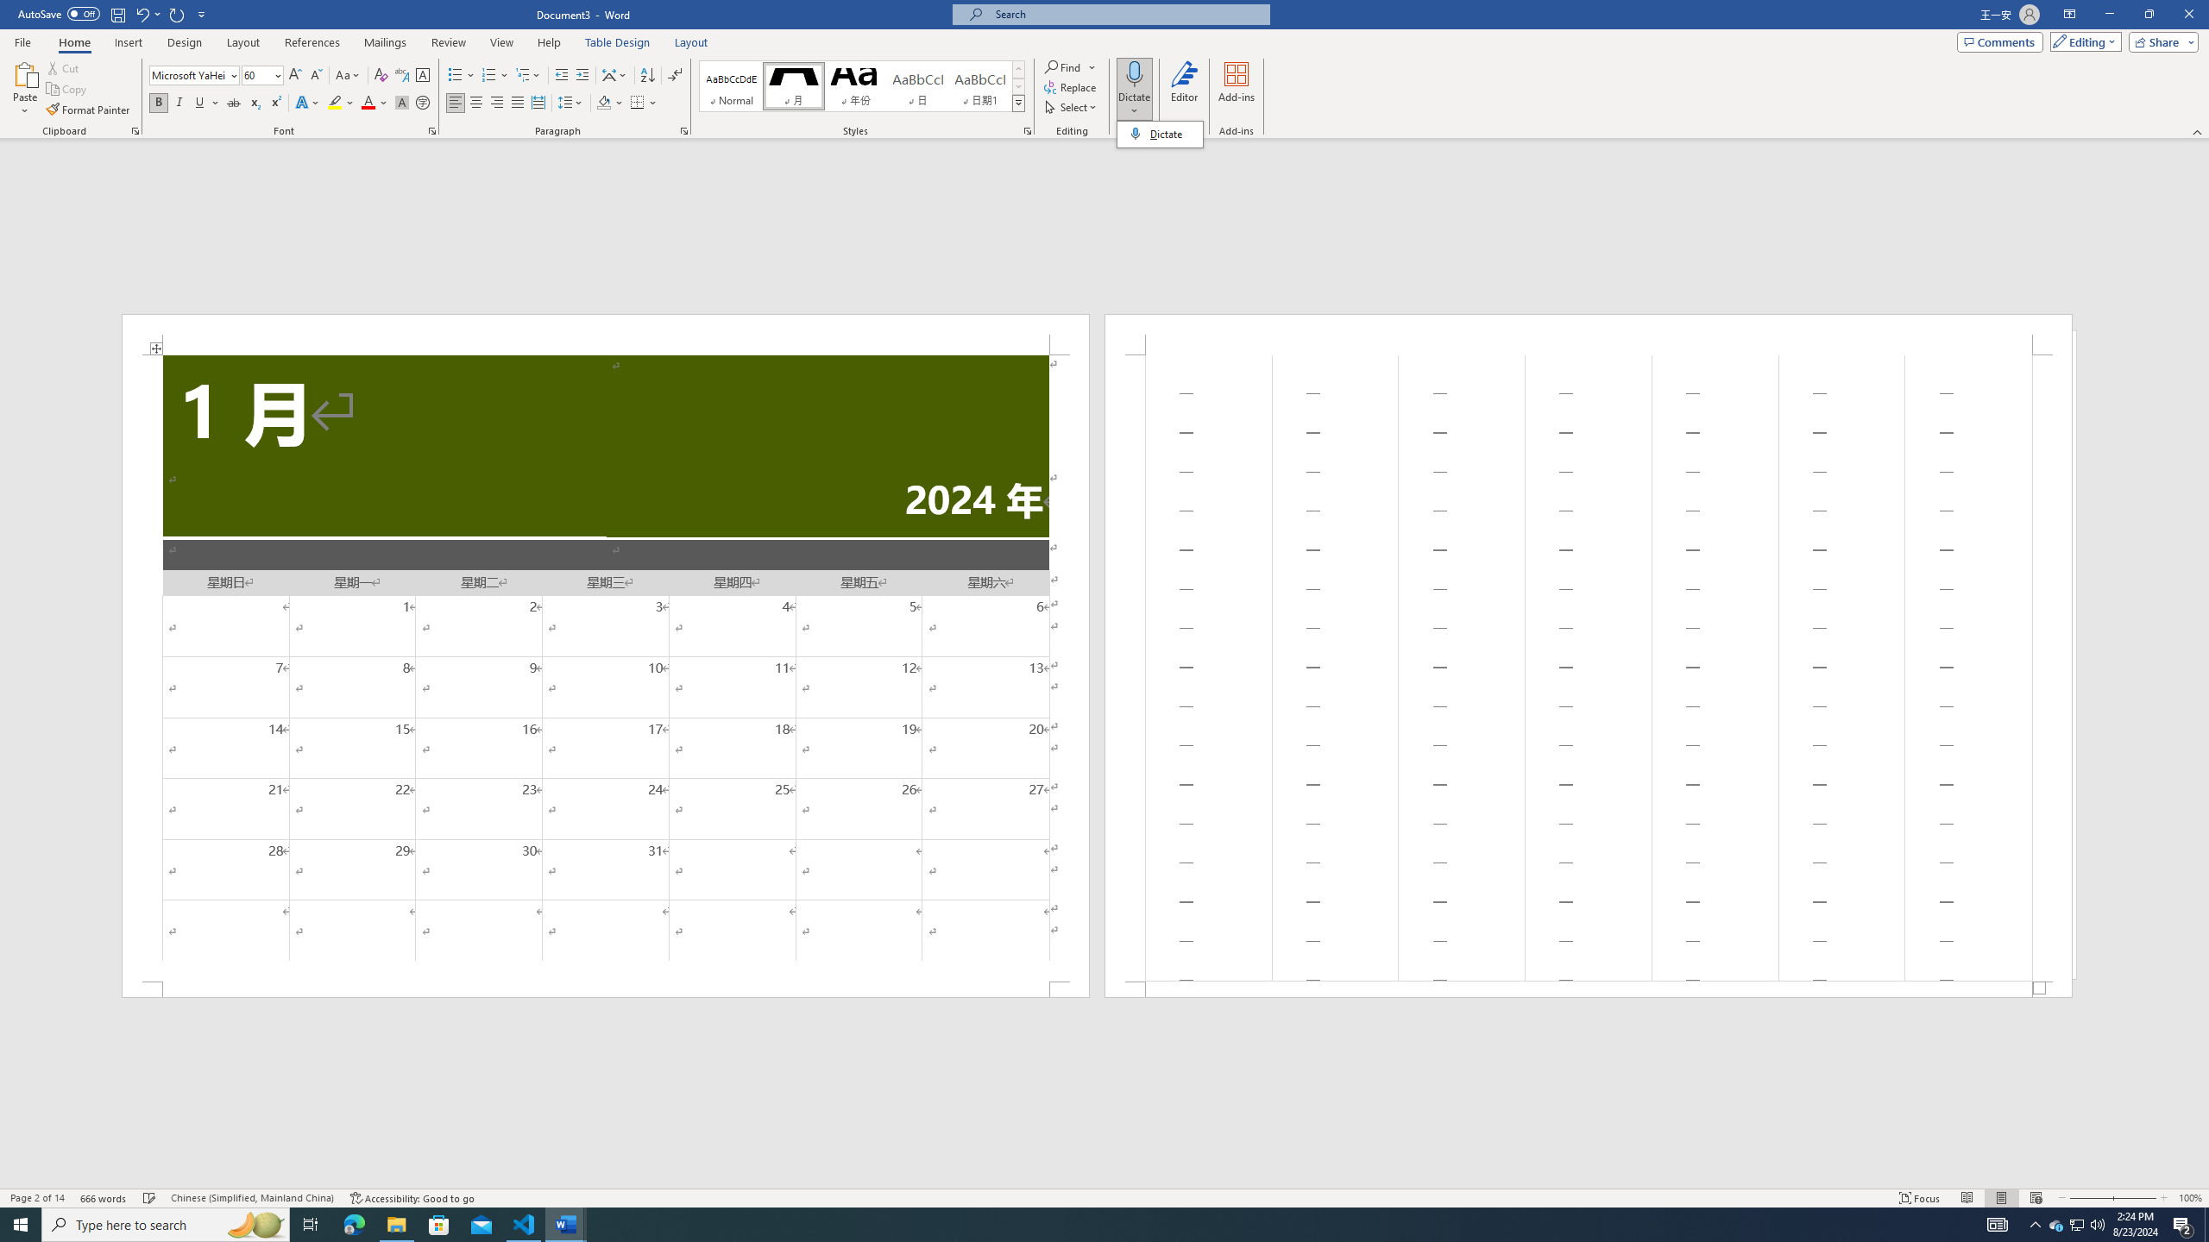  What do you see at coordinates (395, 1223) in the screenshot?
I see `'File Explorer - 1 running window'` at bounding box center [395, 1223].